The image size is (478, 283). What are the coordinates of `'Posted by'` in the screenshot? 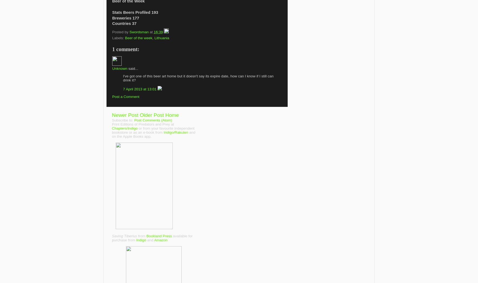 It's located at (120, 31).